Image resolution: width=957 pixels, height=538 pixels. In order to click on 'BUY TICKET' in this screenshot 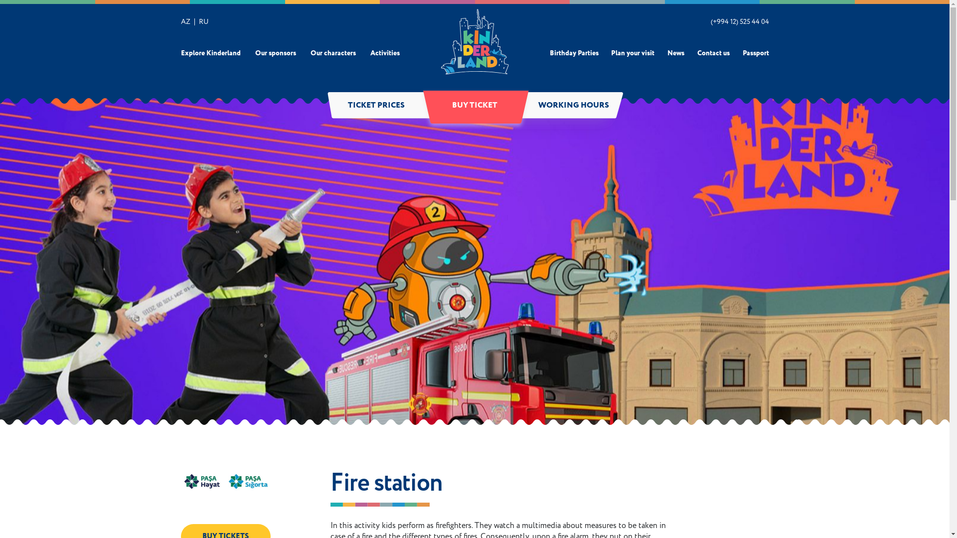, I will do `click(475, 106)`.